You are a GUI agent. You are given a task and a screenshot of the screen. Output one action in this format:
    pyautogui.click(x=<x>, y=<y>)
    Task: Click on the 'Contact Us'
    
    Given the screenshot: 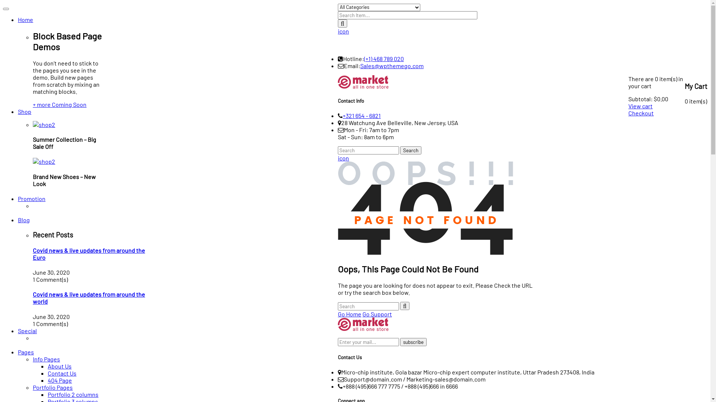 What is the action you would take?
    pyautogui.click(x=62, y=373)
    